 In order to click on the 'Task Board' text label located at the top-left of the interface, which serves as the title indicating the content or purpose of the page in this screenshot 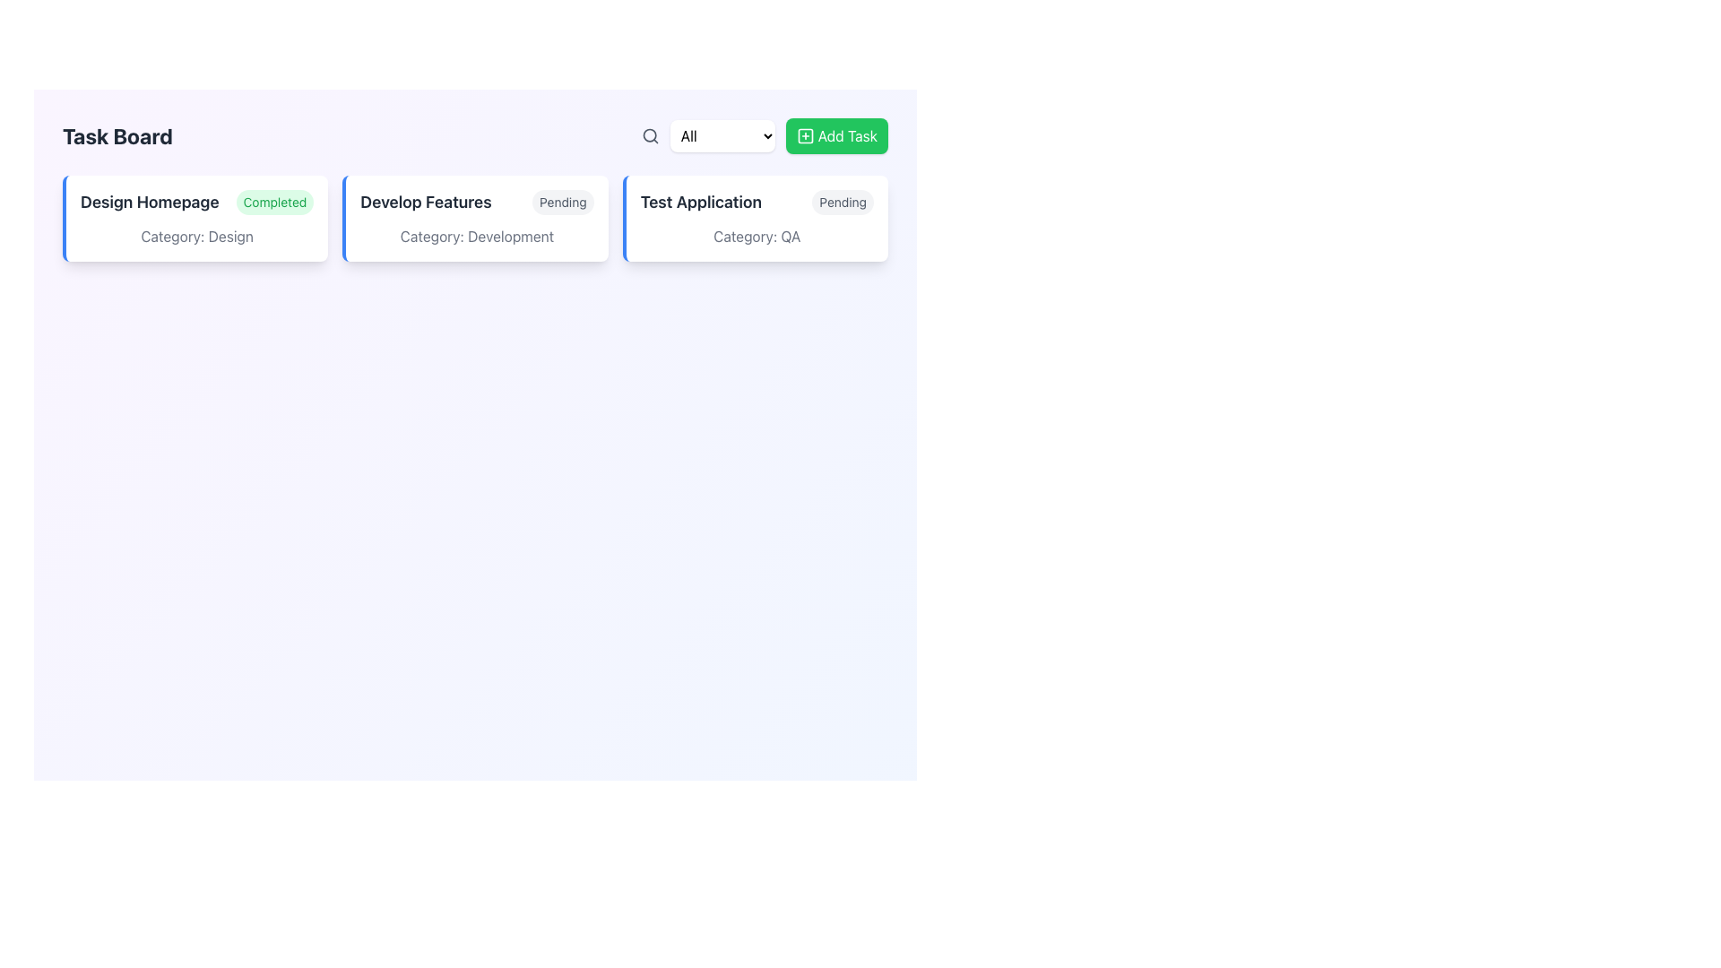, I will do `click(117, 134)`.